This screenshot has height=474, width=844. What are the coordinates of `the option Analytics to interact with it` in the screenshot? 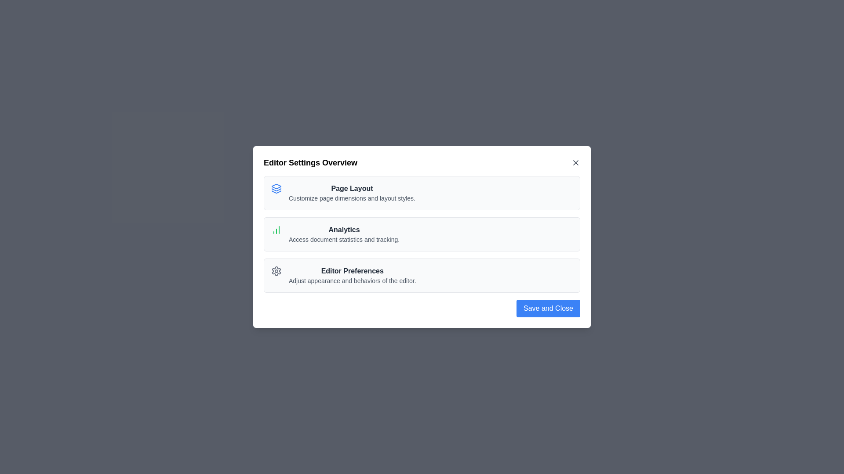 It's located at (352, 233).